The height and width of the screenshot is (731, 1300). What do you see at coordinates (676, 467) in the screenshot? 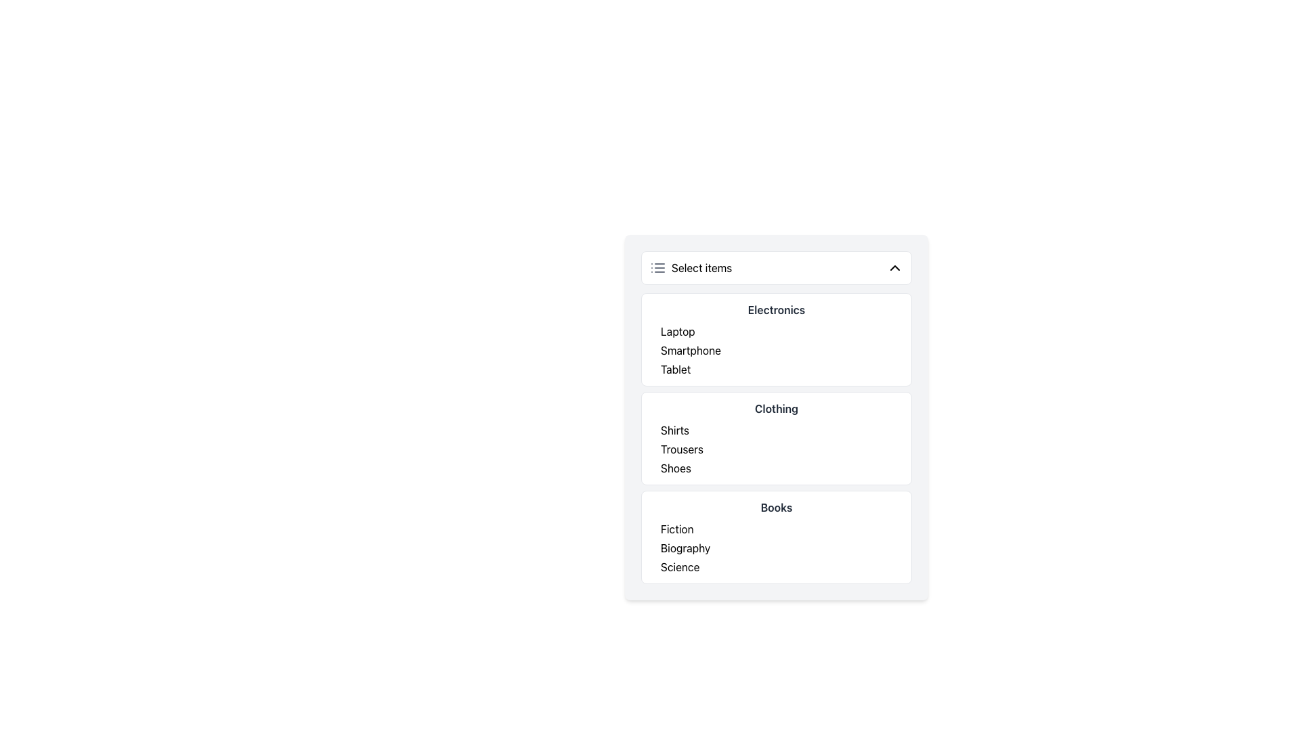
I see `the selectable text label for 'Shoes' located as the third item under the 'Clothing' header in the dropdown menu` at bounding box center [676, 467].